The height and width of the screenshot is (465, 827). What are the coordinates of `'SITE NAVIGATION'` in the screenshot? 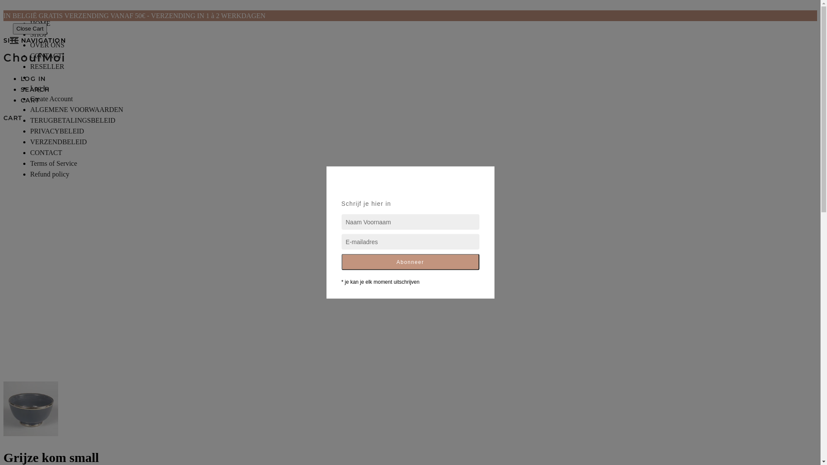 It's located at (14, 40).